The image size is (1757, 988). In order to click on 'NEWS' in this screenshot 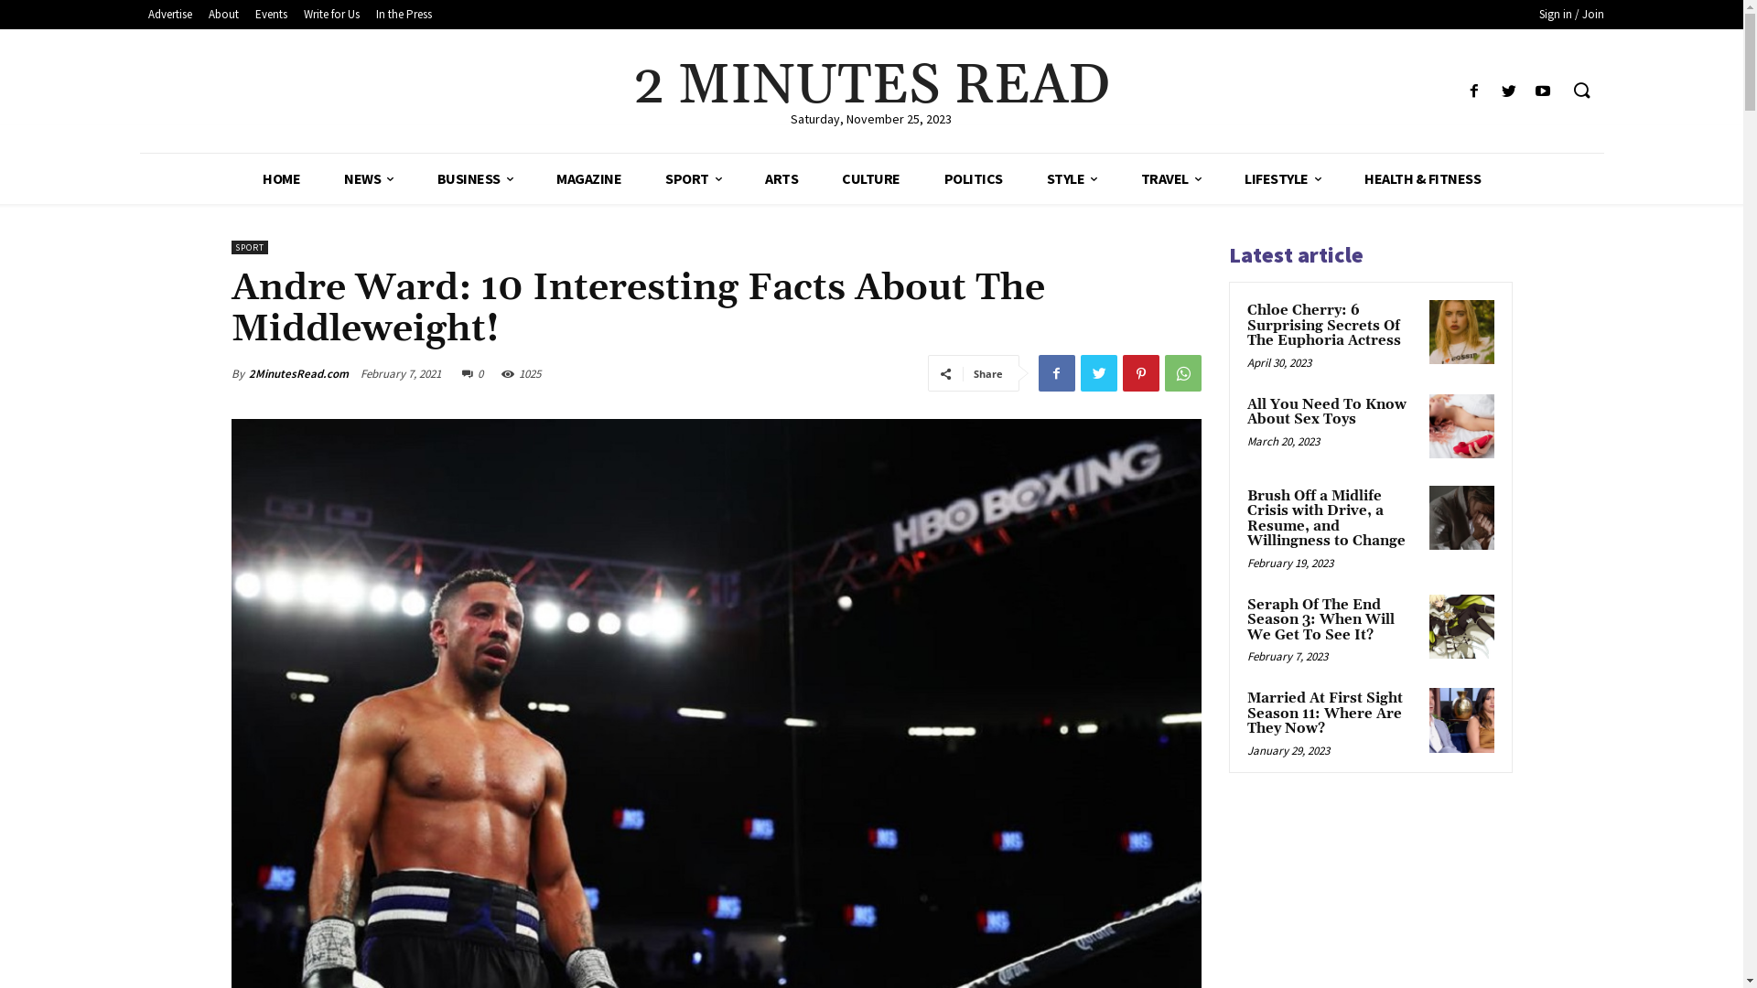, I will do `click(368, 178)`.